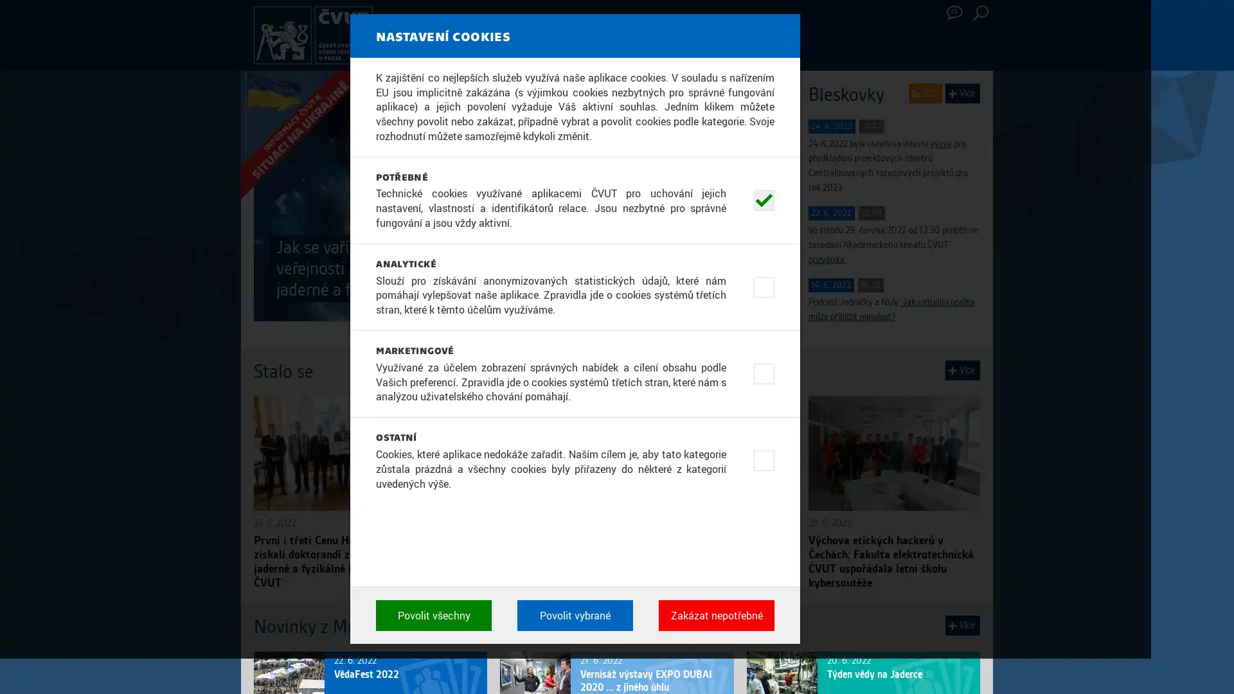 This screenshot has height=694, width=1234. Describe the element at coordinates (474, 633) in the screenshot. I see `Povolit vsechny` at that location.